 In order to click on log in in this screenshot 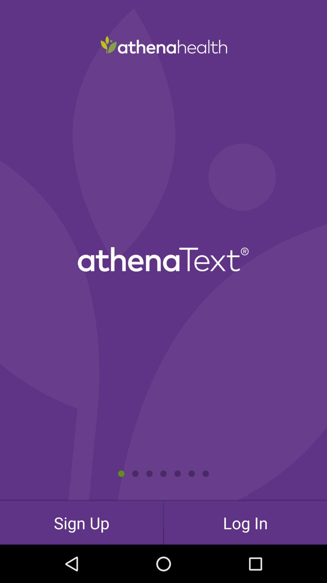, I will do `click(245, 522)`.